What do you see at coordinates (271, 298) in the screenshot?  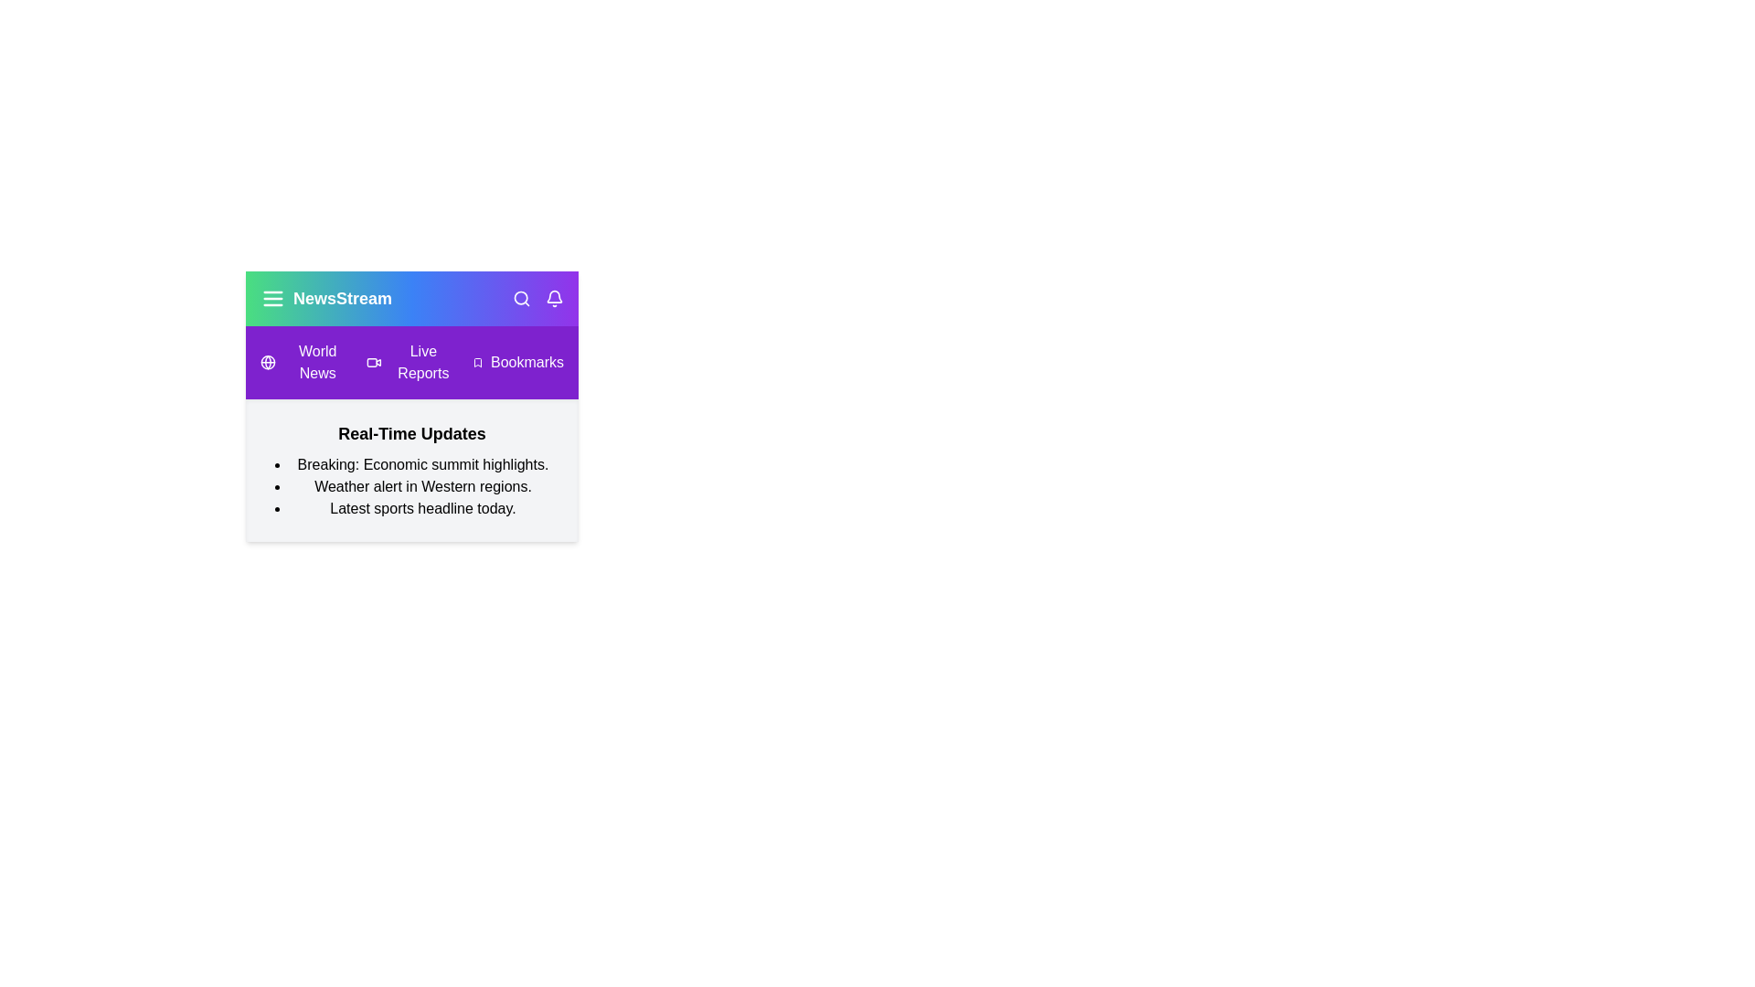 I see `the menu button to toggle the visibility of the menu` at bounding box center [271, 298].